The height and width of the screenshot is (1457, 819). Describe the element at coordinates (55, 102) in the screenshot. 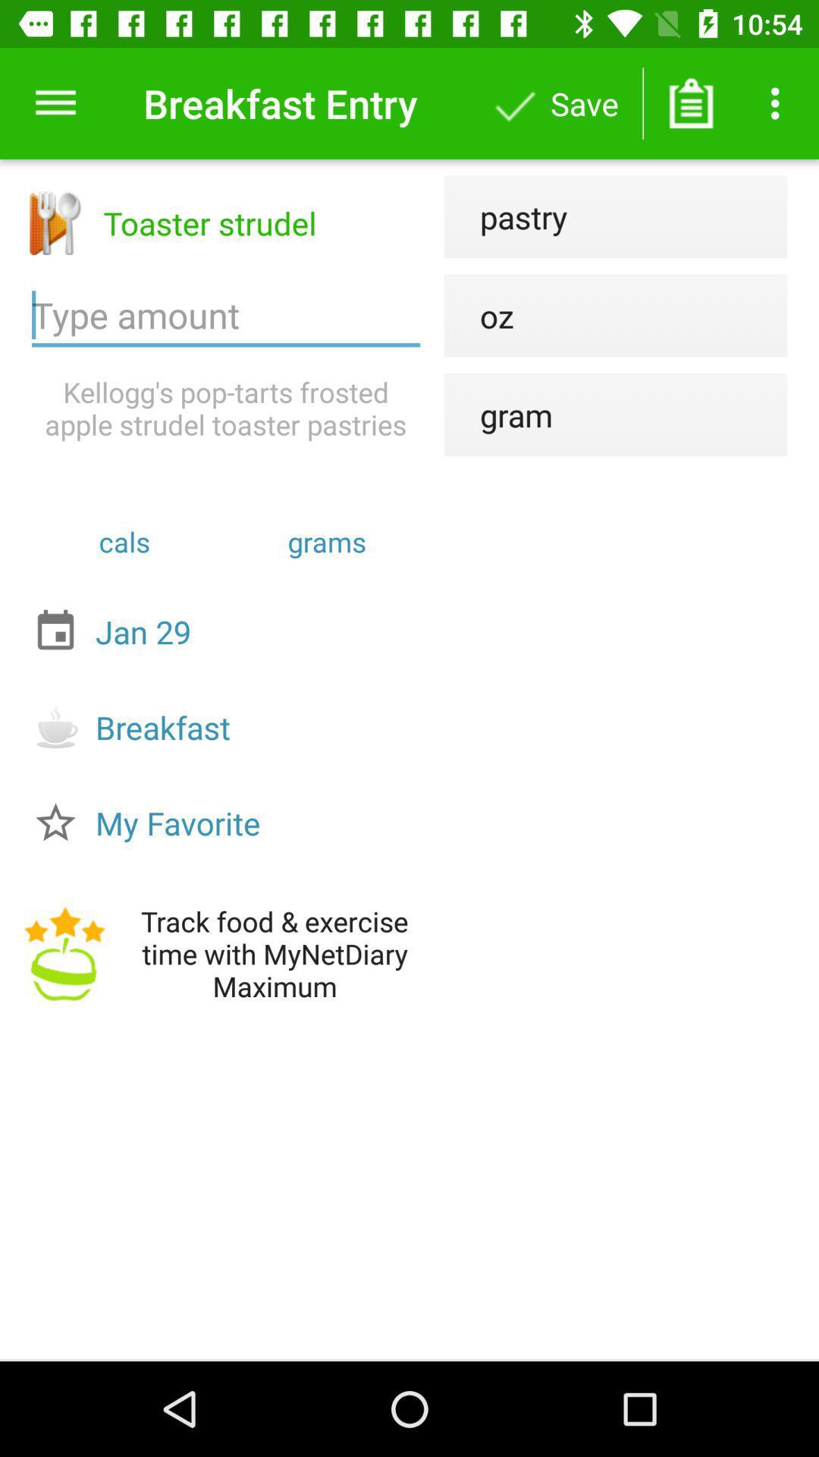

I see `the item to the left of breakfast entry` at that location.